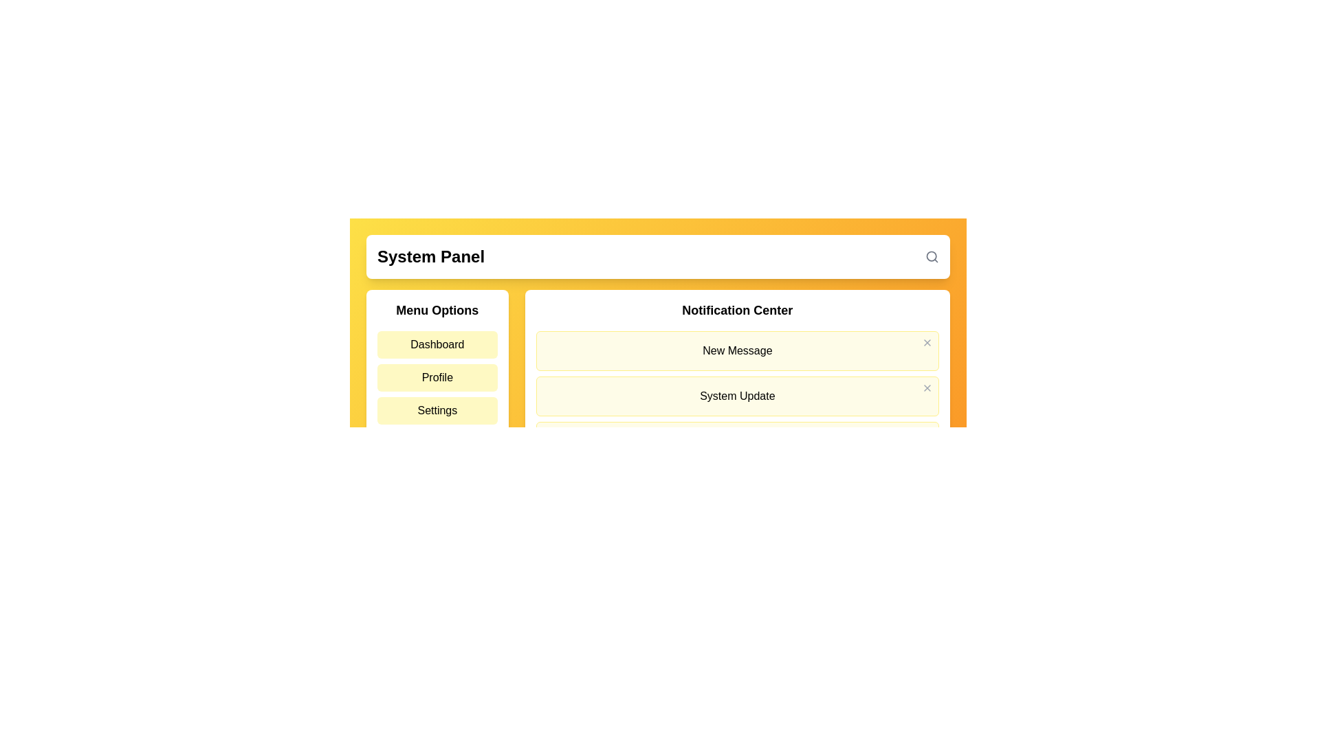  What do you see at coordinates (437, 381) in the screenshot?
I see `the 'Profile' button located in the 'Menu Options' section, which is the second button in a vertical list, to change its visual appearance` at bounding box center [437, 381].